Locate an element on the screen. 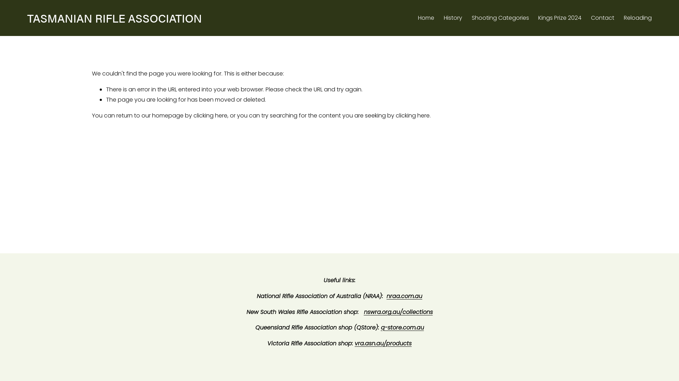 This screenshot has height=381, width=679. 'Home' is located at coordinates (418, 17).